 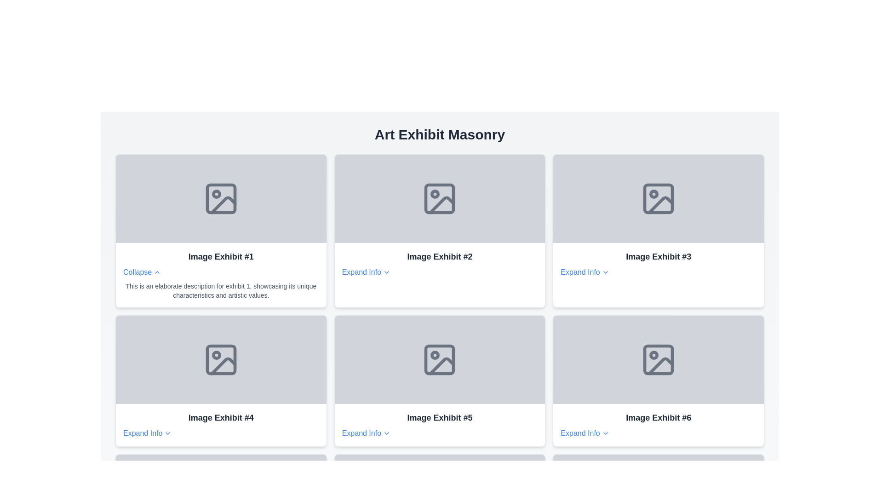 What do you see at coordinates (439, 425) in the screenshot?
I see `title text of the Text block with hyperlink and icon in 'Image Exhibit #5' located in the second row and second column of the exhibit cards` at bounding box center [439, 425].